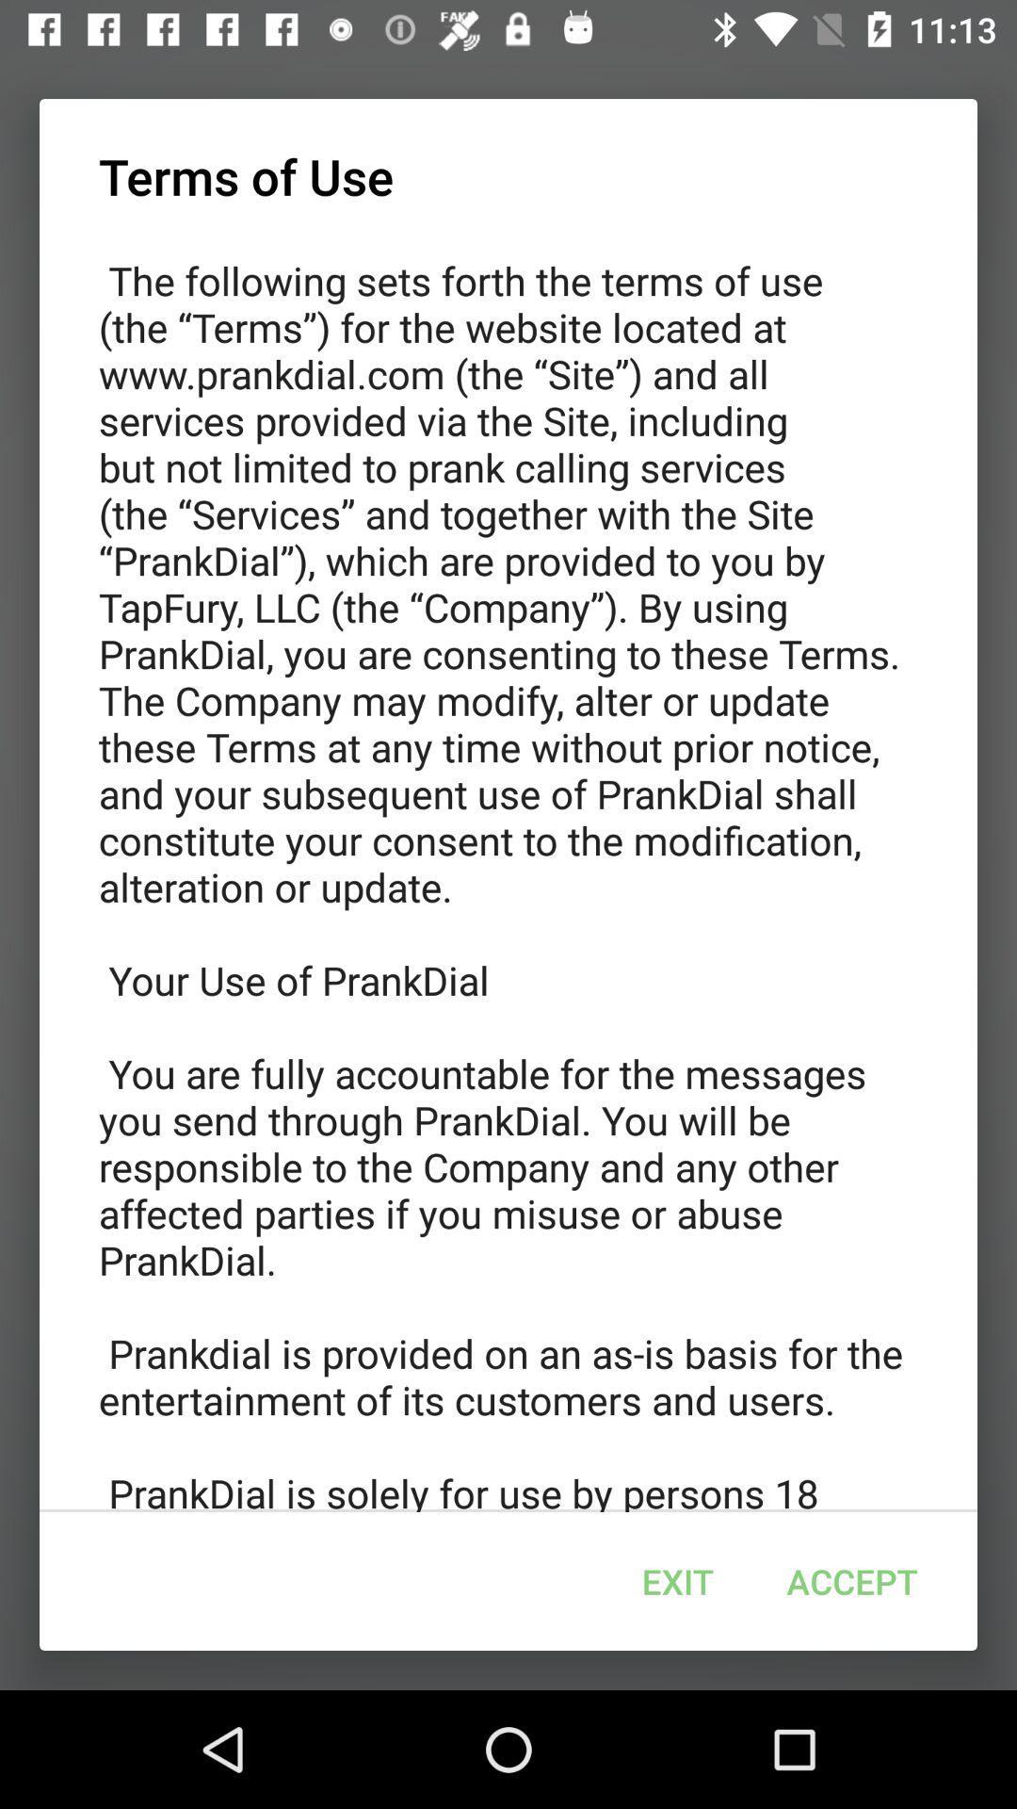  What do you see at coordinates (852, 1581) in the screenshot?
I see `accept` at bounding box center [852, 1581].